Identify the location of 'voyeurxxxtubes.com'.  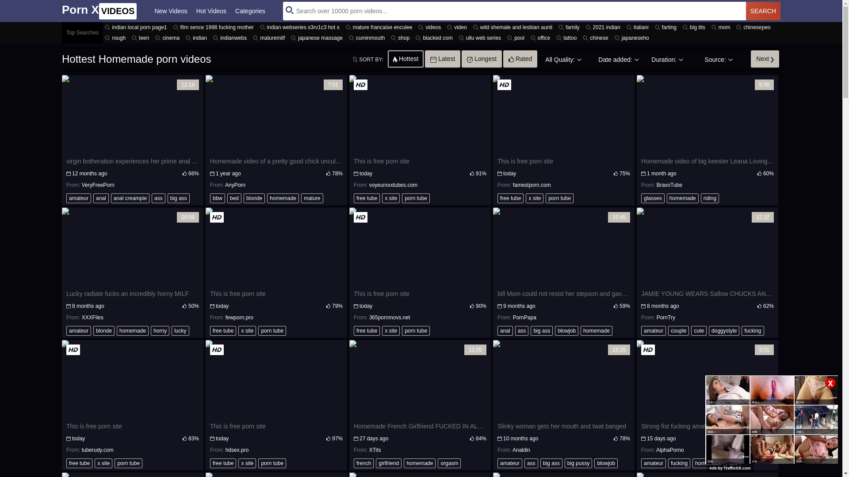
(393, 185).